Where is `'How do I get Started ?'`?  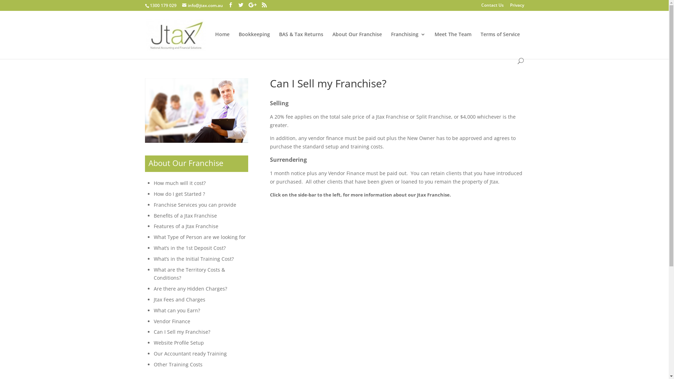
'How do I get Started ?' is located at coordinates (153, 194).